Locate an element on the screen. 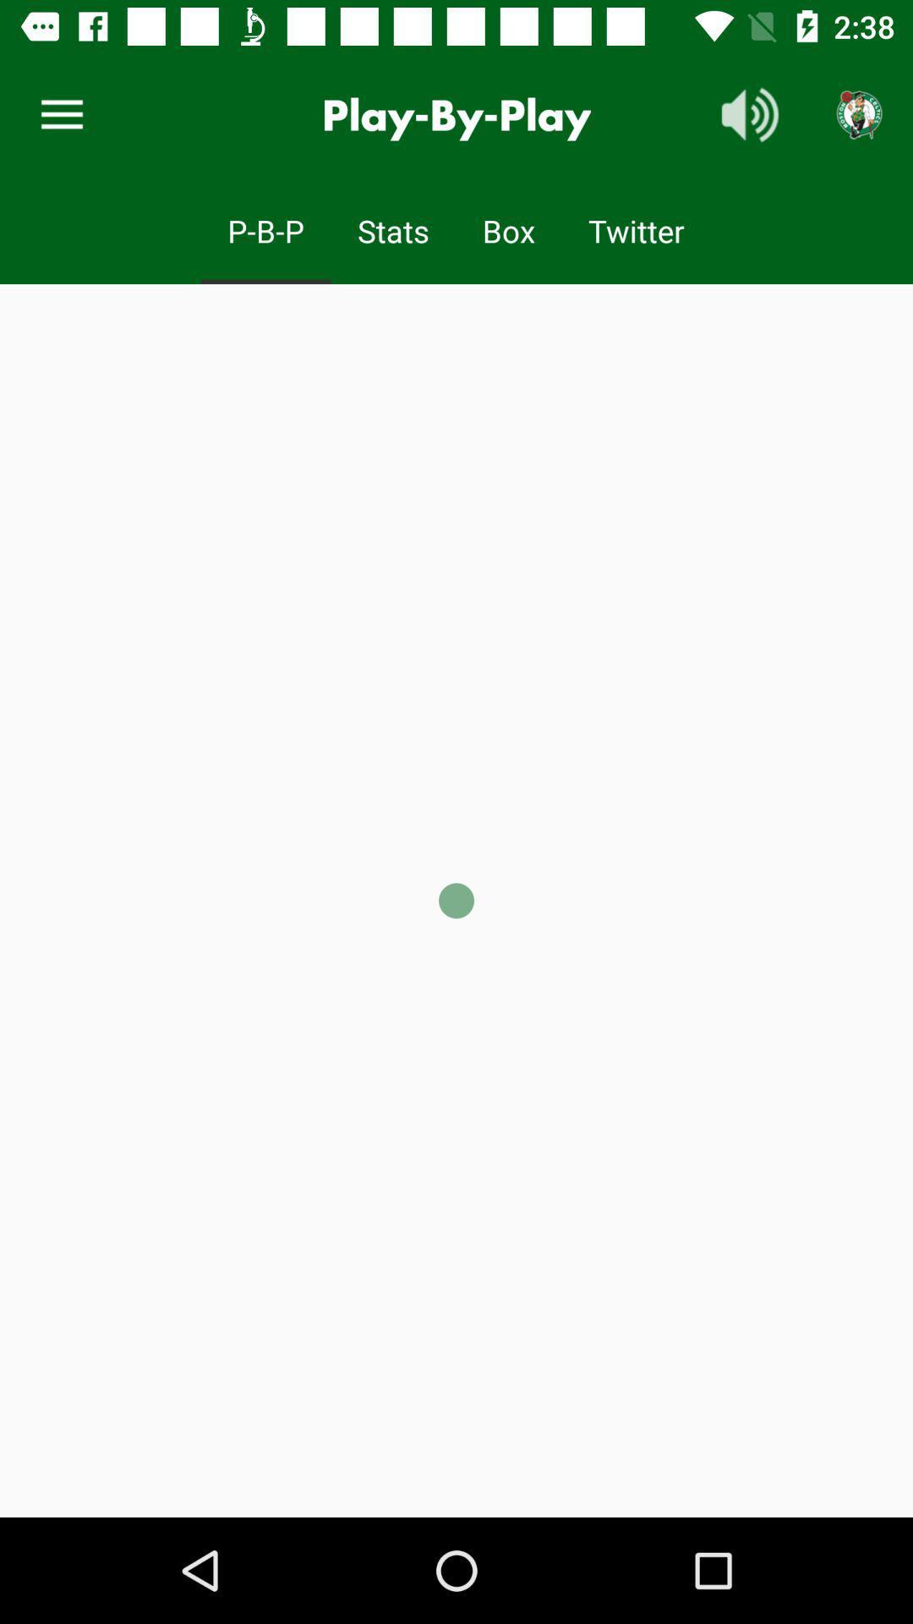  item to the left of the play-by-play item is located at coordinates (61, 114).